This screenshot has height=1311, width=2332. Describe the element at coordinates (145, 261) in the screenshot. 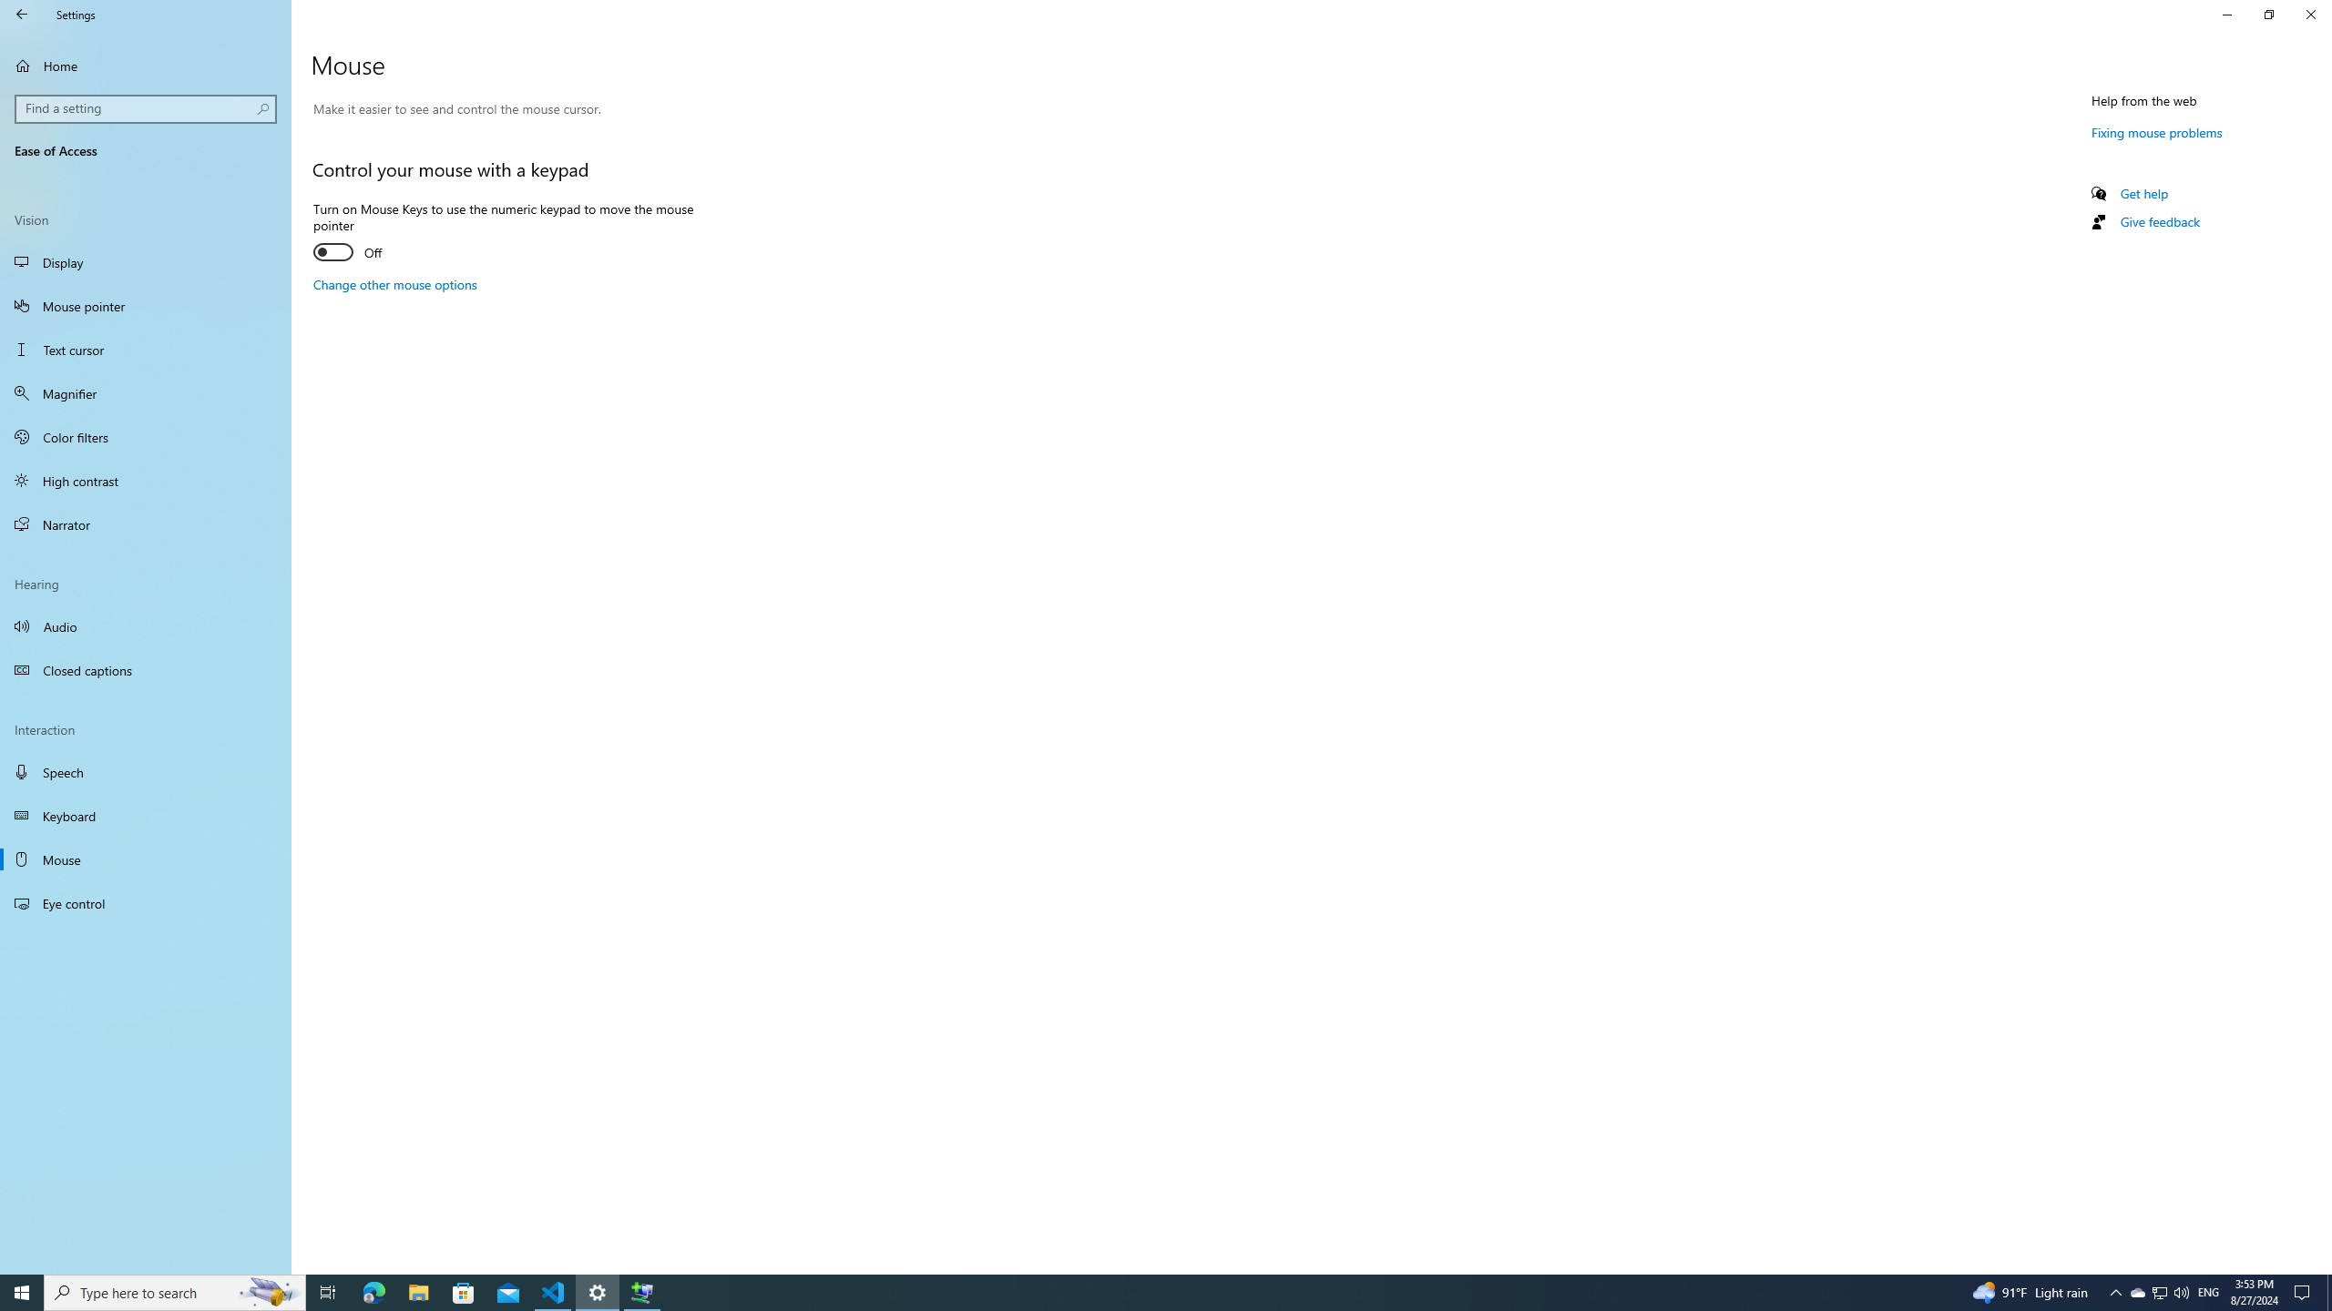

I see `'Display'` at that location.